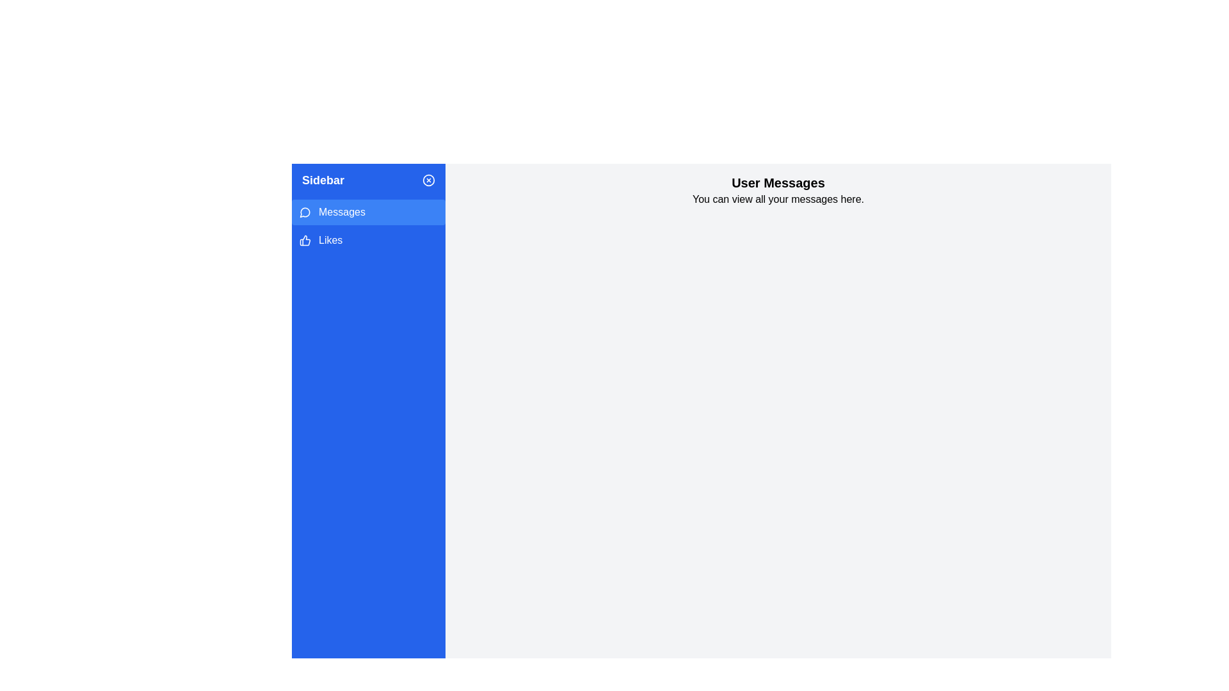 This screenshot has height=691, width=1229. Describe the element at coordinates (342, 211) in the screenshot. I see `the 'Messages' text label within the interactive sidebar menu` at that location.